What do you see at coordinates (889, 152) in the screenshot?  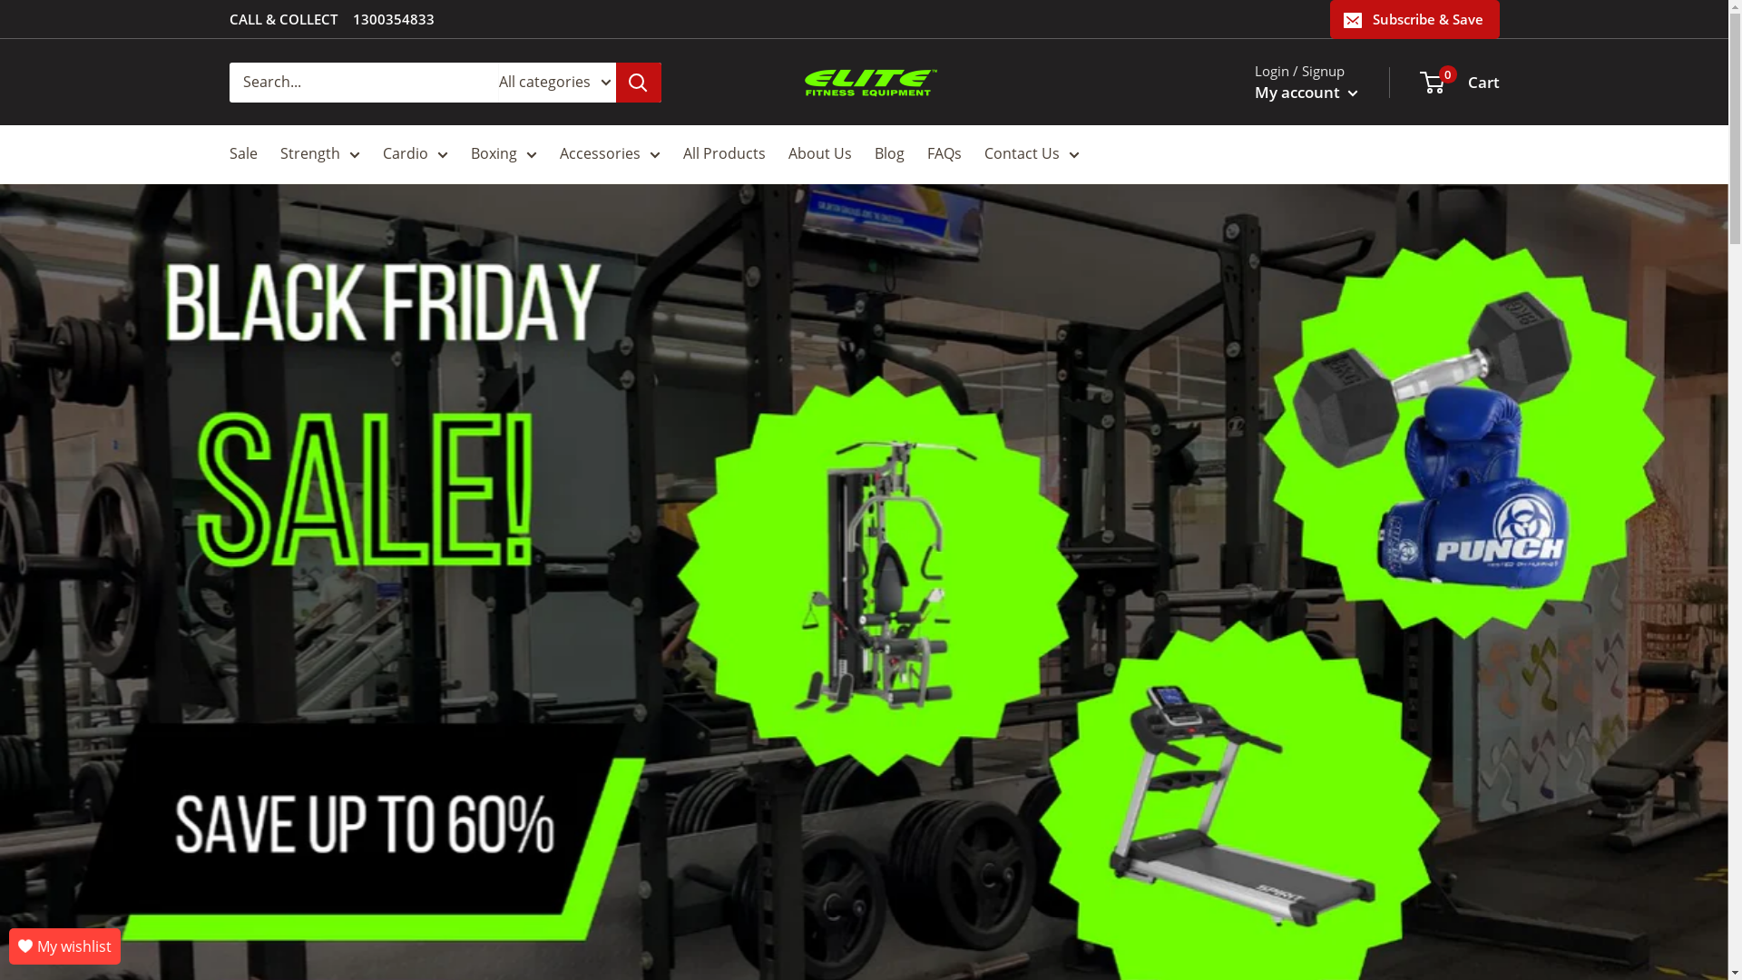 I see `'Blog'` at bounding box center [889, 152].